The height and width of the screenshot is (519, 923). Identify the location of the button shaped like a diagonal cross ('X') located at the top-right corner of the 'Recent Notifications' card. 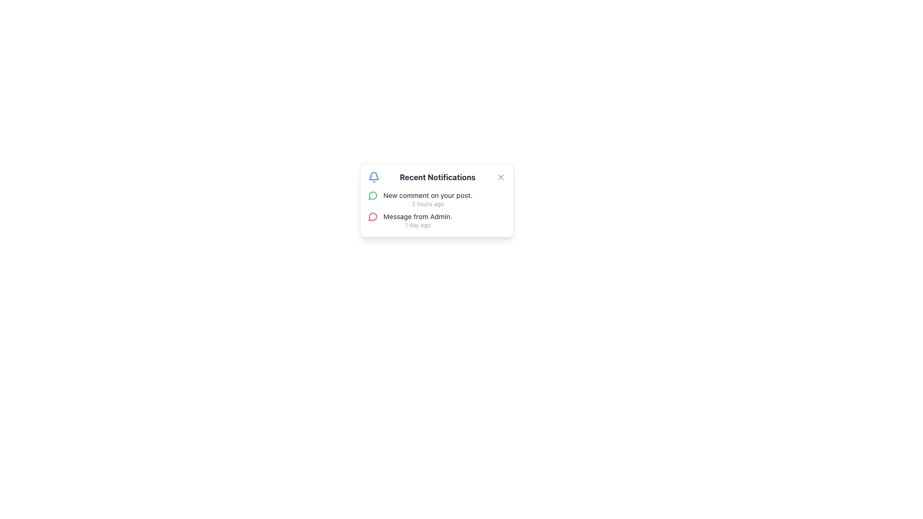
(500, 177).